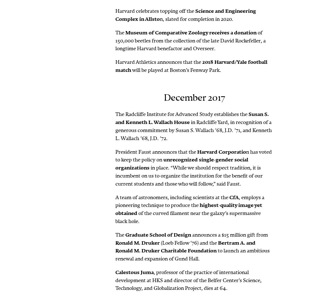 The image size is (319, 299). Describe the element at coordinates (192, 255) in the screenshot. I see `'to launch an ambitious renewal and expansion of Gund Hall.'` at that location.